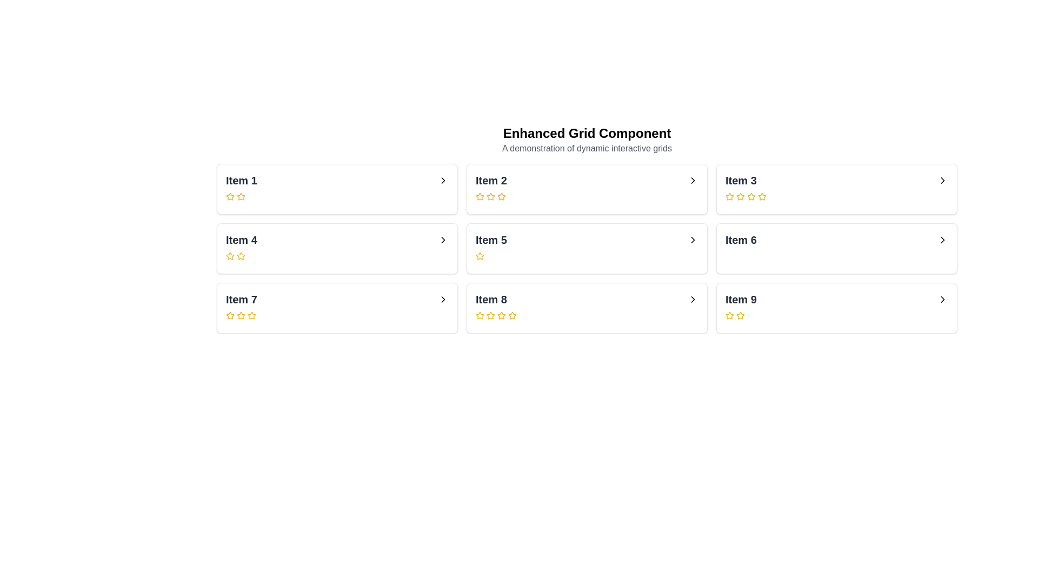 The height and width of the screenshot is (584, 1038). I want to click on the text label reading 'Item 8', which is set in bold and large font and is located in the second row, third column of the grid layout, so click(490, 300).